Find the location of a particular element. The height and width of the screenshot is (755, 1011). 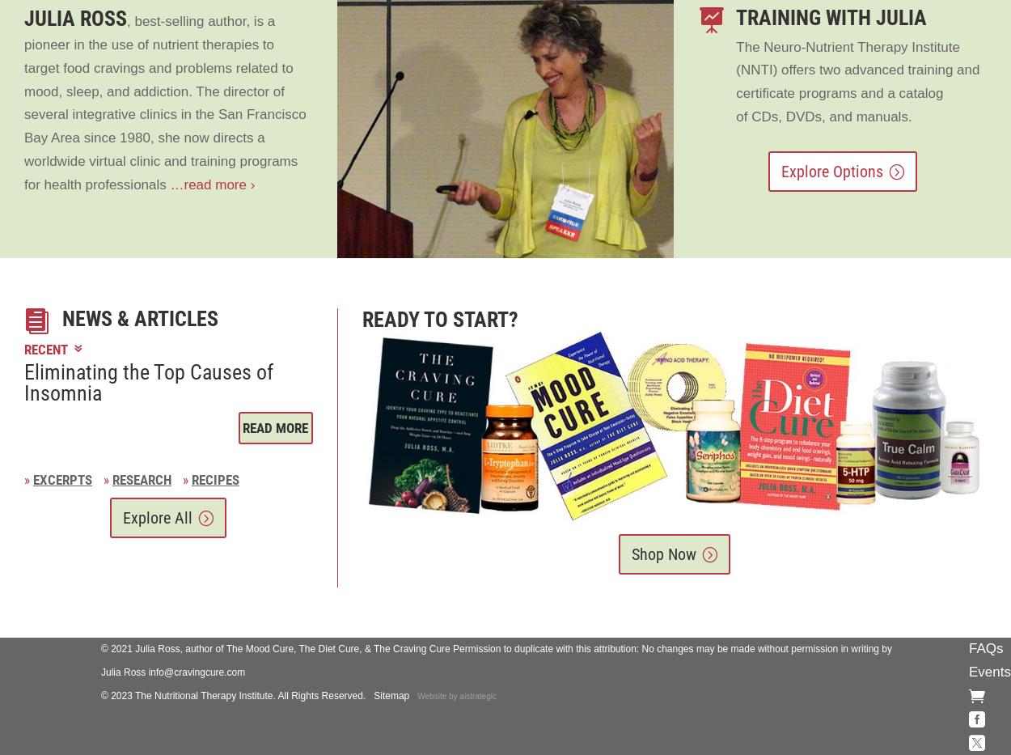

'FAQs' is located at coordinates (985, 648).